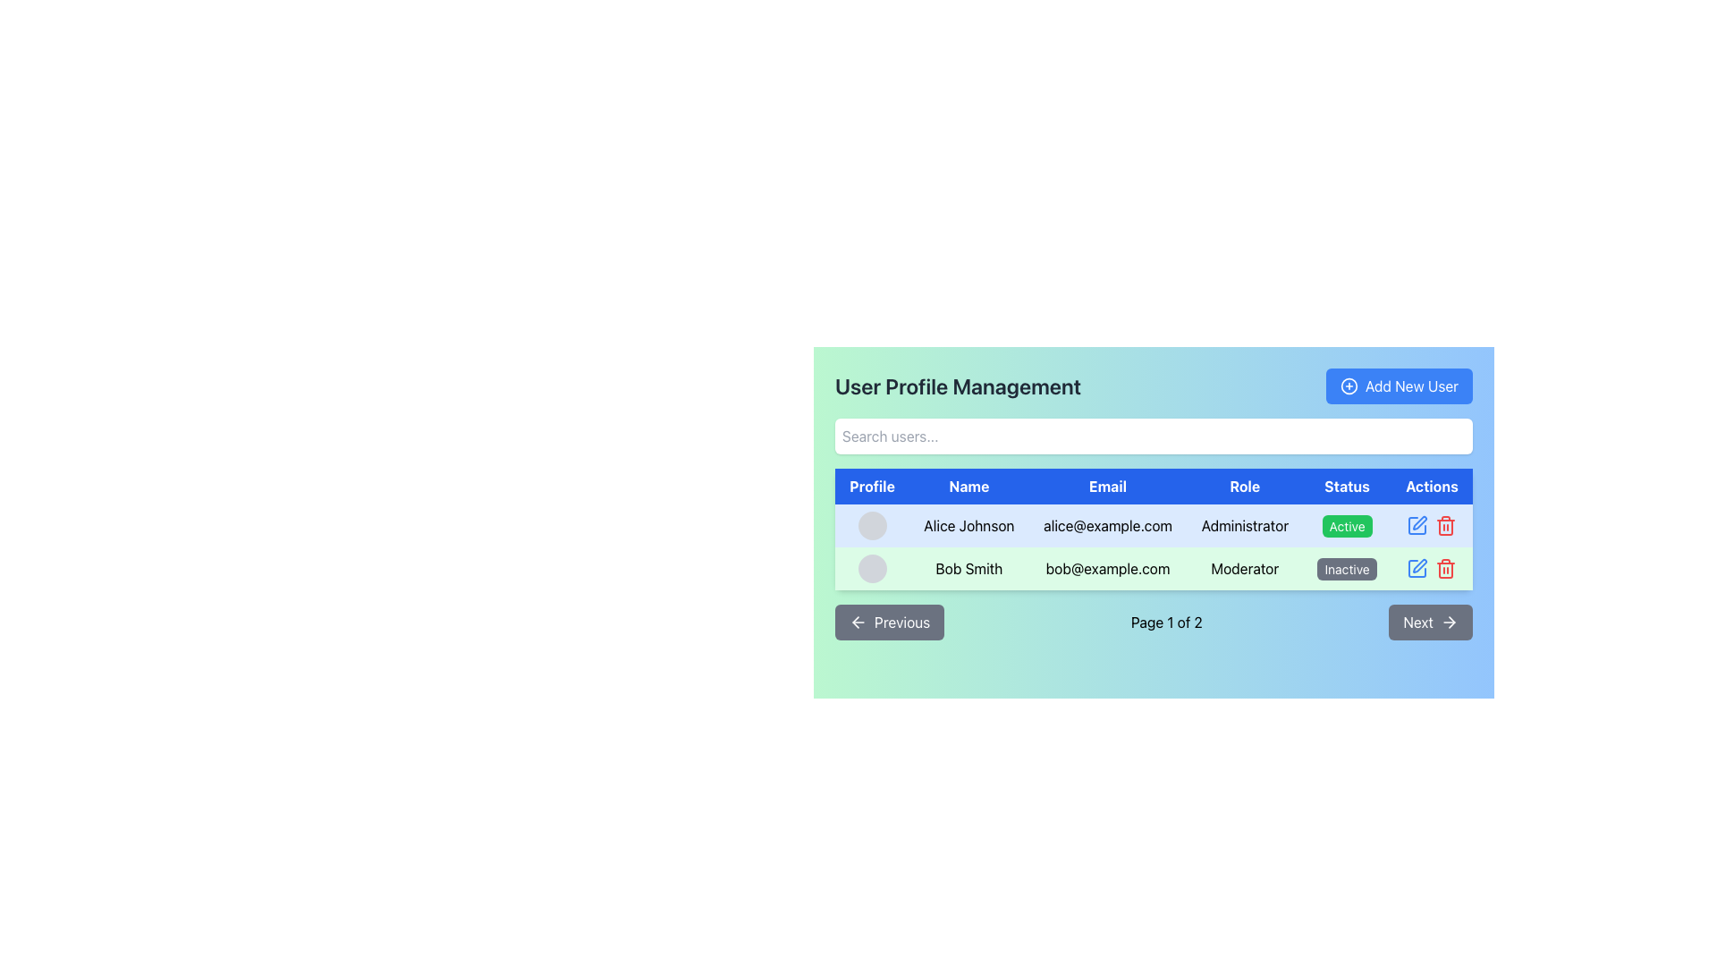  Describe the element at coordinates (968, 569) in the screenshot. I see `the text label displaying the name 'Bob Smith' in the user management interface, which is the second column of the table under the 'Name' header` at that location.